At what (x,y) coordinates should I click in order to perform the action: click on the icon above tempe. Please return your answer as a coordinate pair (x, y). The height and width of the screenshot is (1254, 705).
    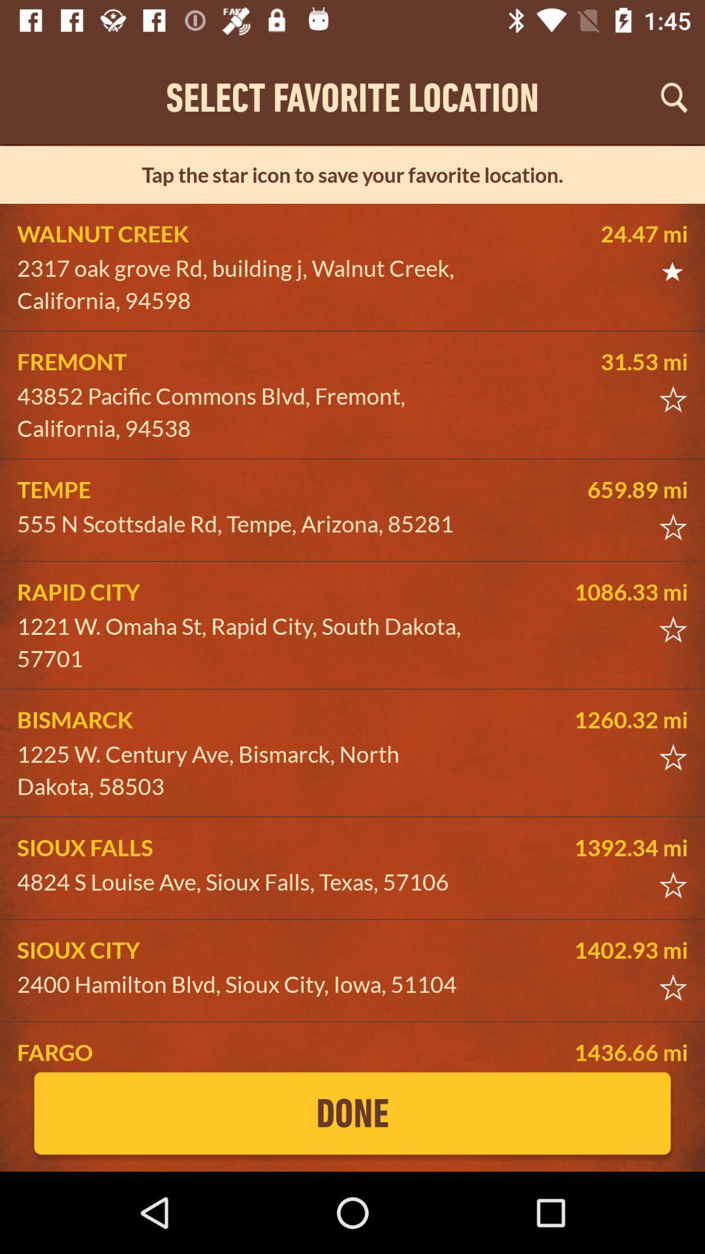
    Looking at the image, I should click on (245, 411).